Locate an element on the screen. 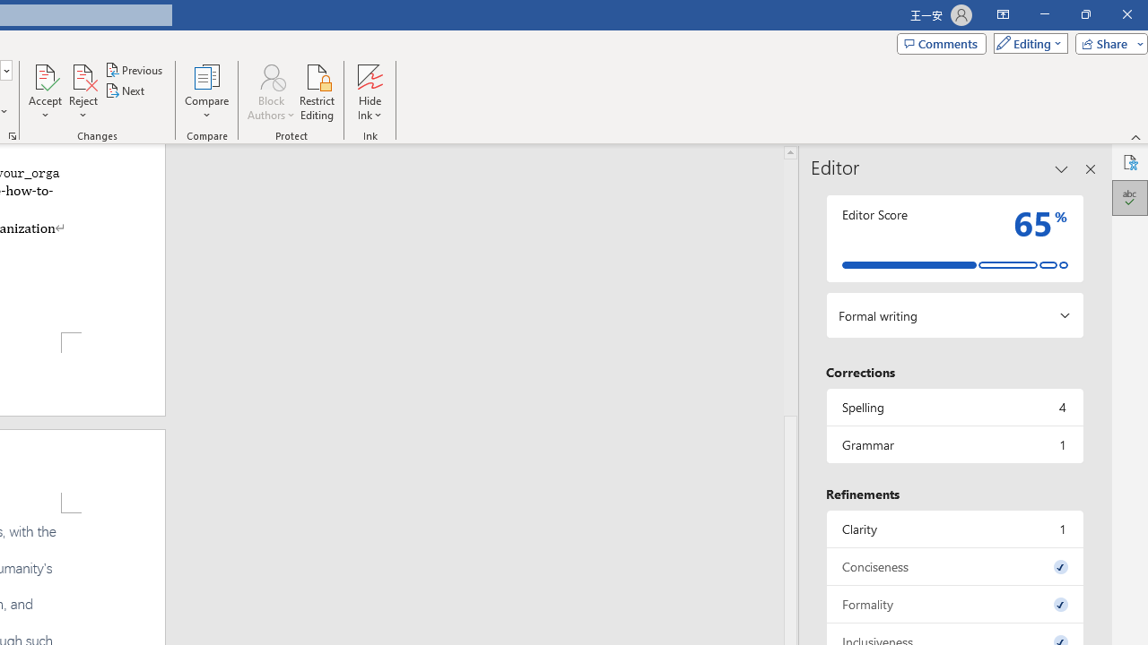  'Hide Ink' is located at coordinates (369, 75).